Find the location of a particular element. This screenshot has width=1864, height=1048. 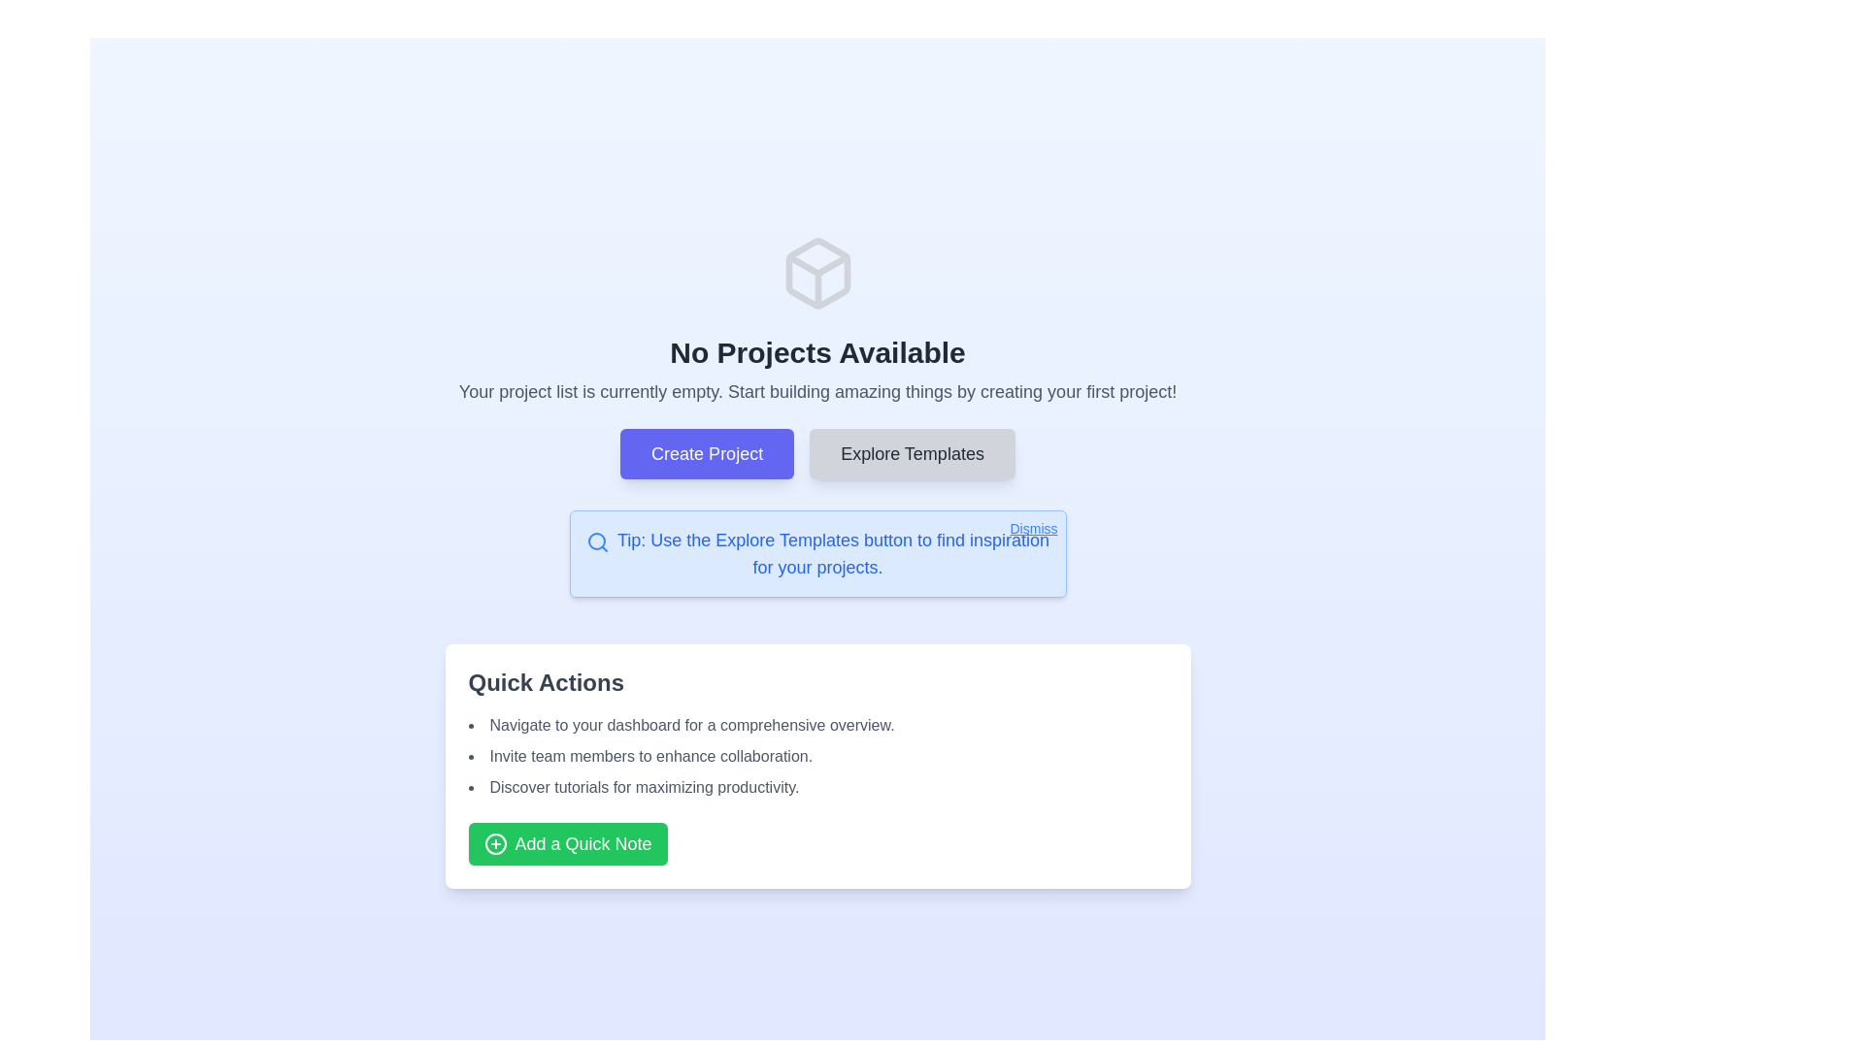

the dismiss button located at the top-right corner inside the rounded blue-bordered notification box is located at coordinates (1033, 528).